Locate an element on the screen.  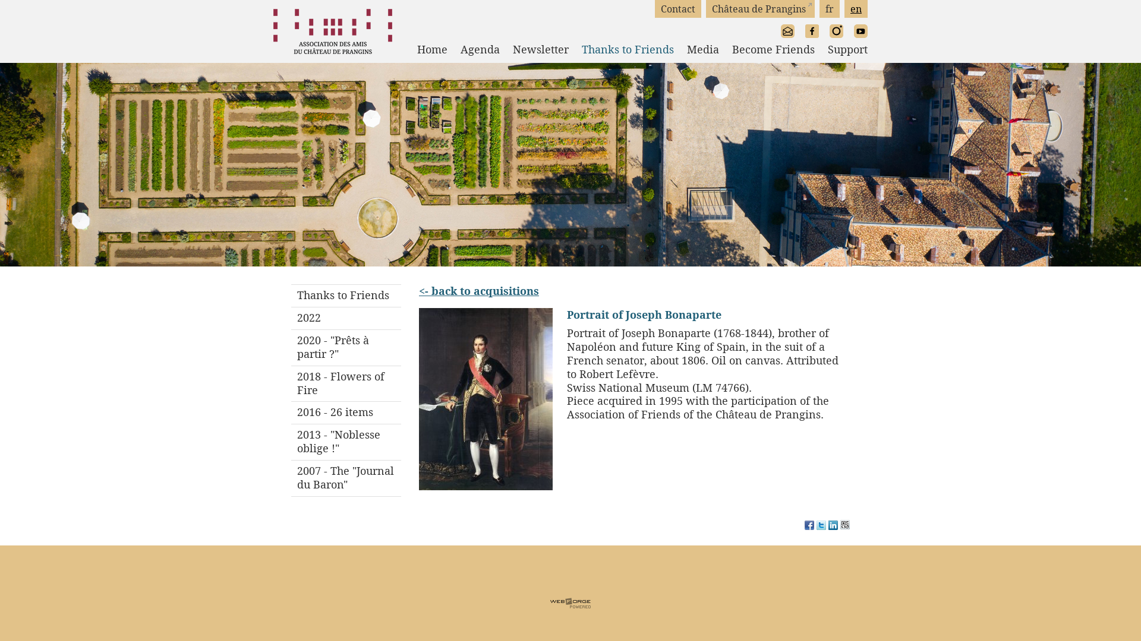
'<- back to acquisitions' is located at coordinates (419, 290).